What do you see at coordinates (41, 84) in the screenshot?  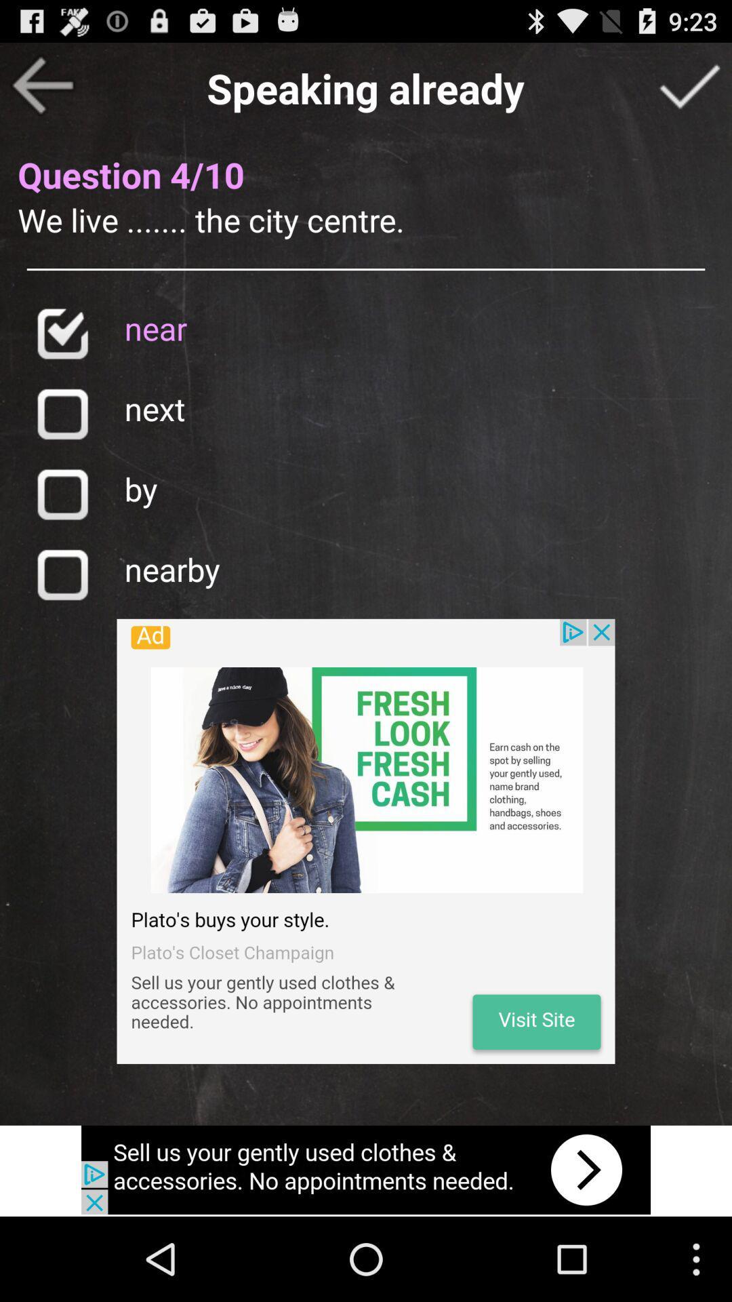 I see `go back` at bounding box center [41, 84].